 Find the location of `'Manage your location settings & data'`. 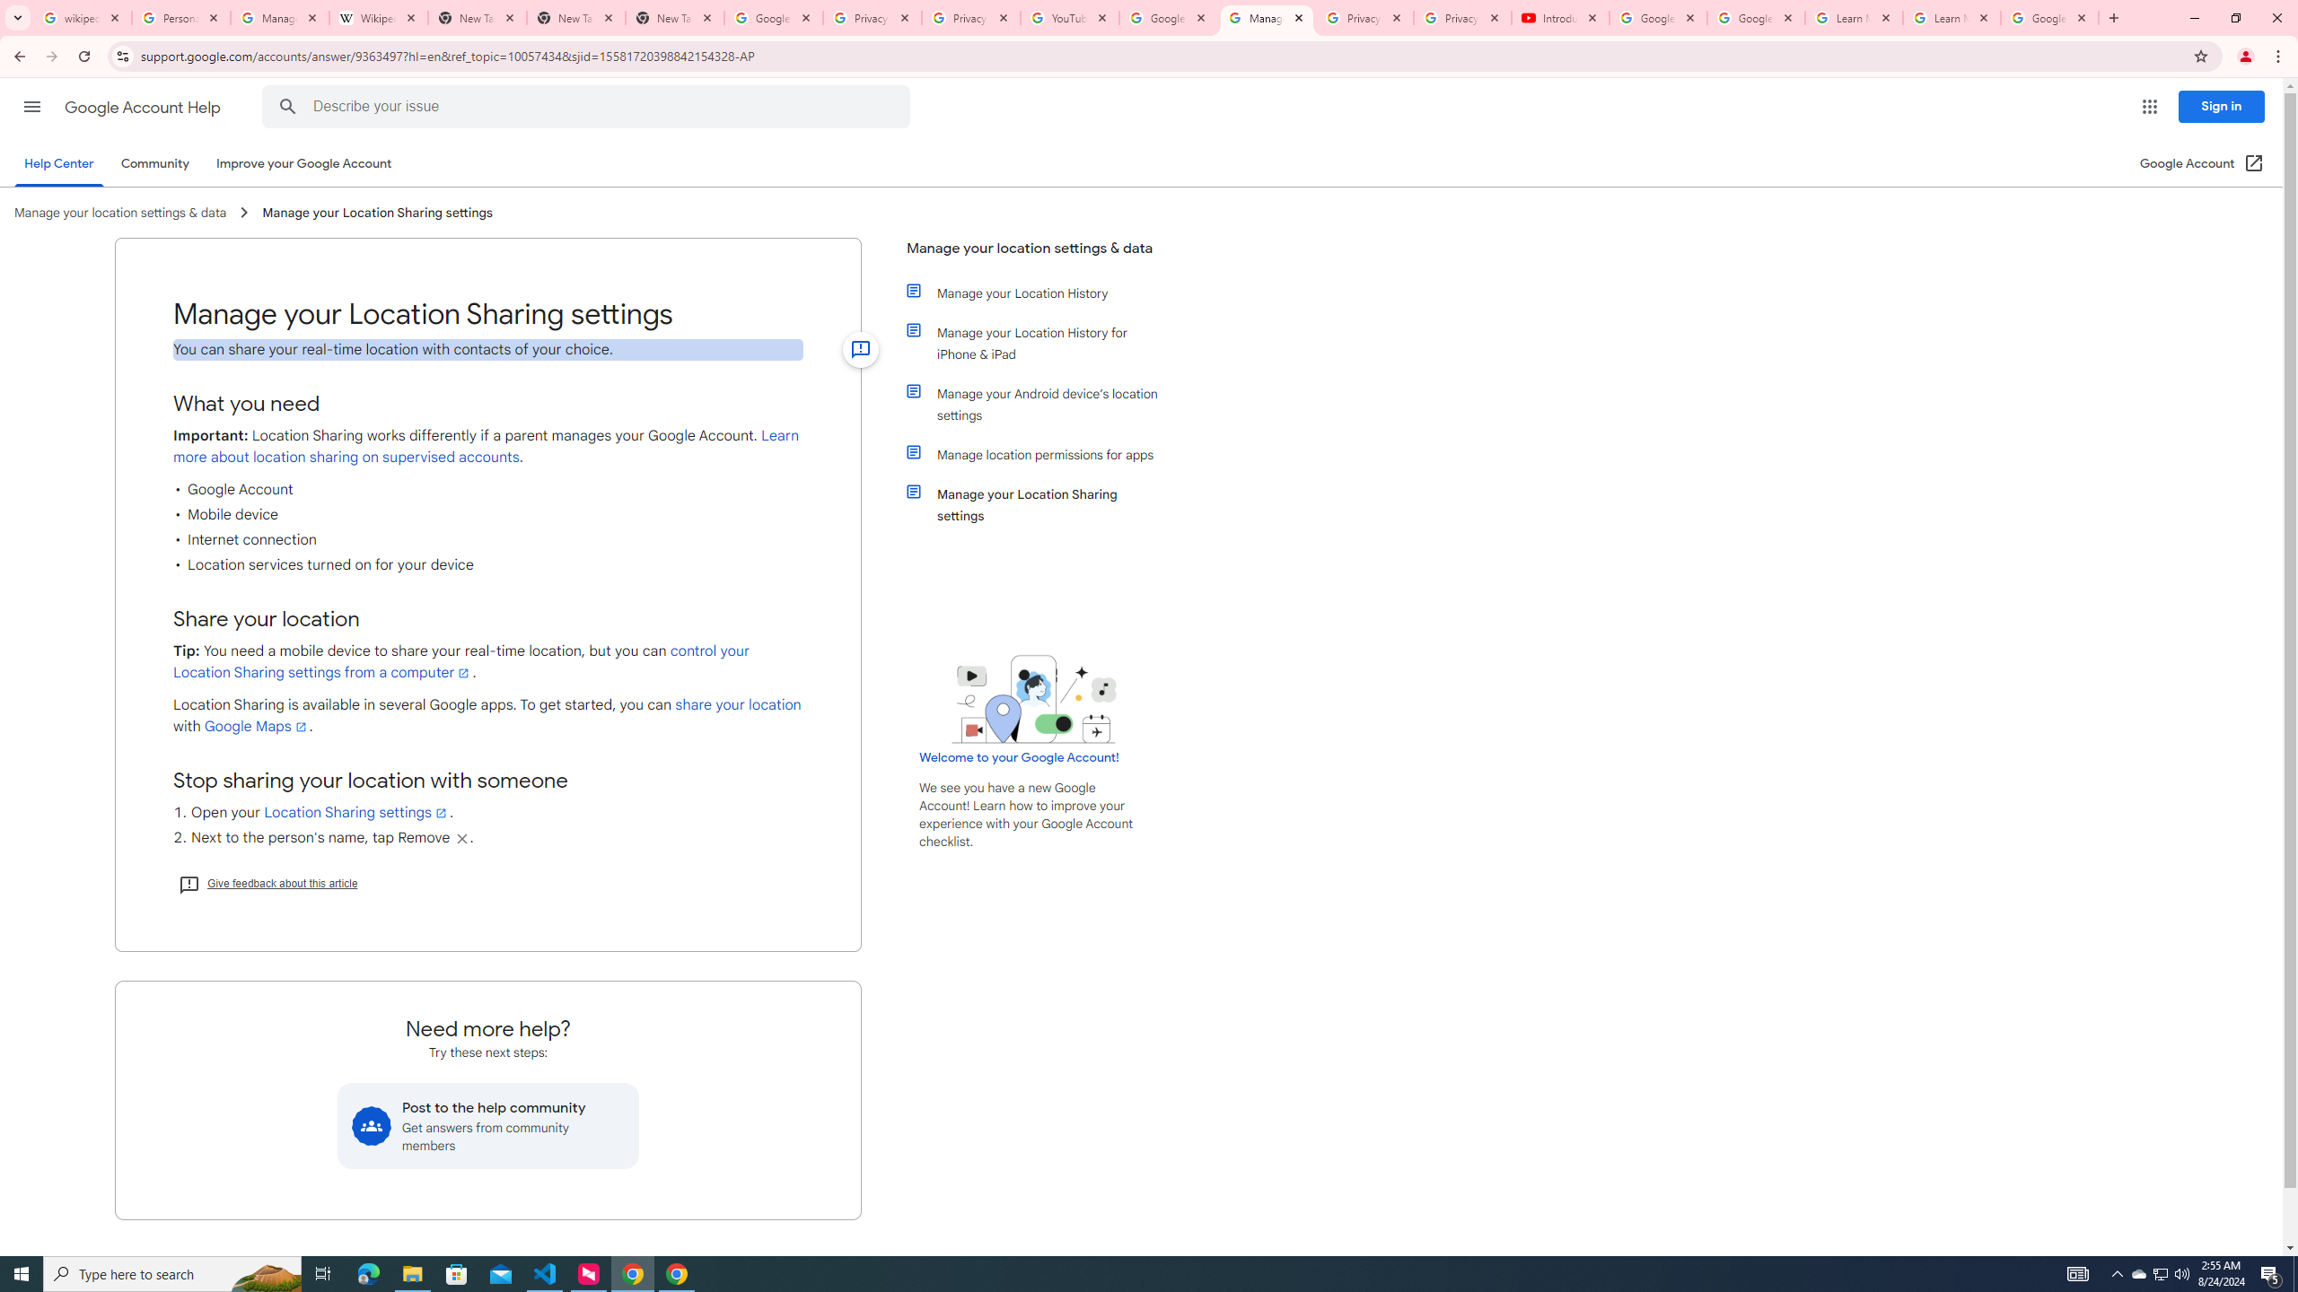

'Manage your location settings & data' is located at coordinates (1035, 255).